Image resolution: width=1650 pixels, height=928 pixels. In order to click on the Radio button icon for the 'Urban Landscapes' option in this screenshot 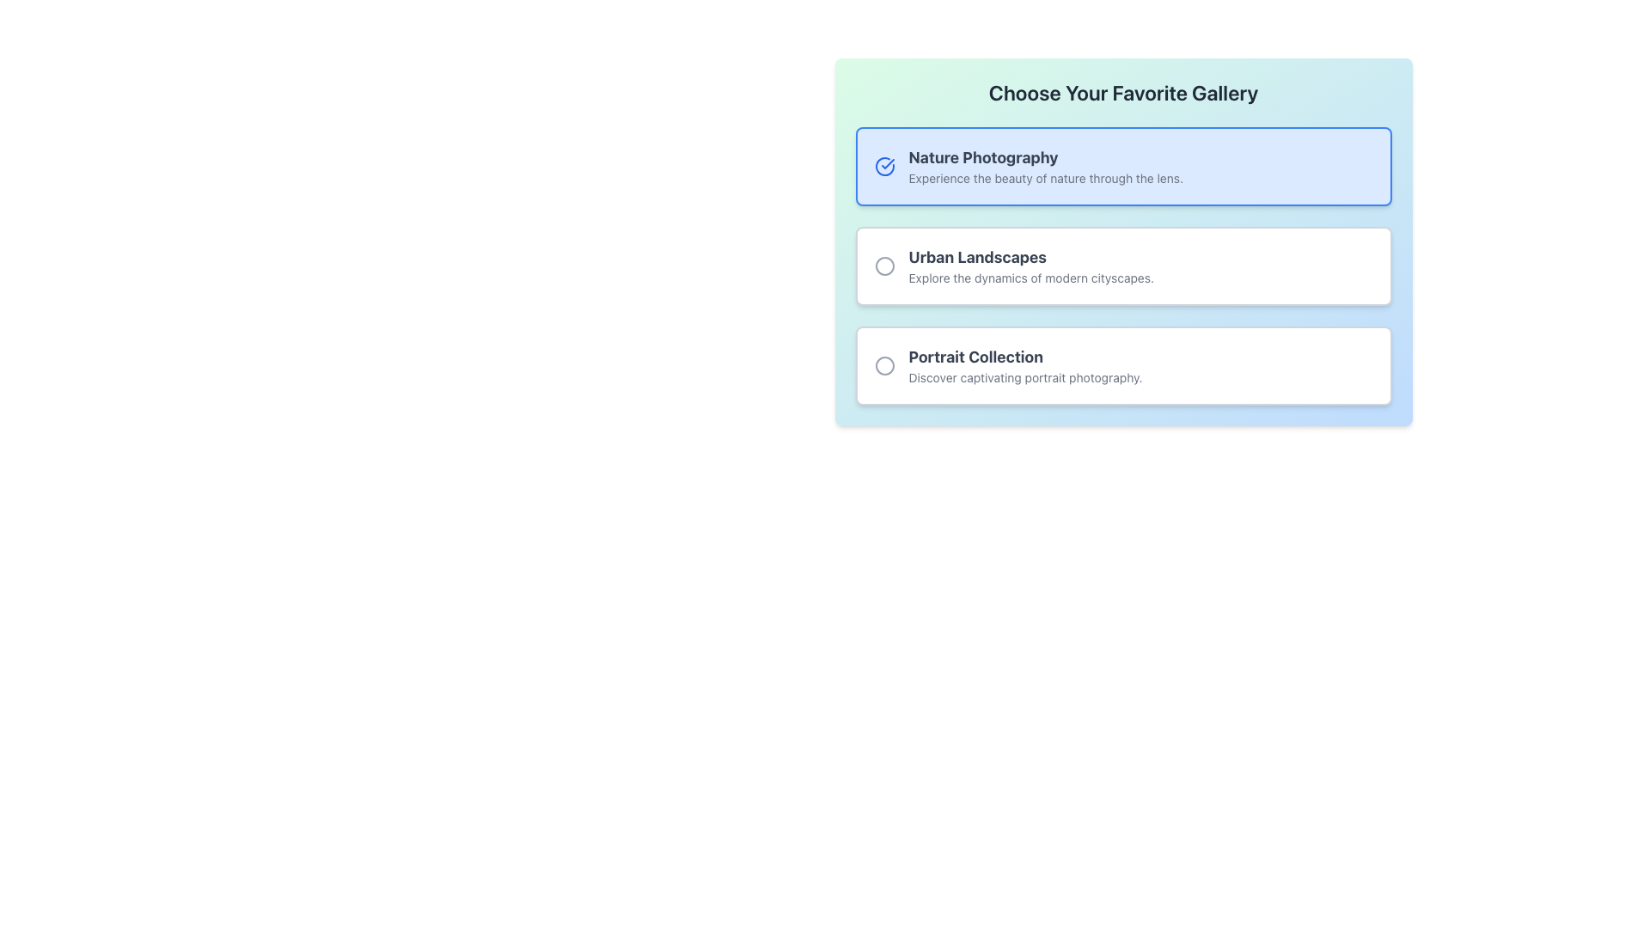, I will do `click(884, 266)`.